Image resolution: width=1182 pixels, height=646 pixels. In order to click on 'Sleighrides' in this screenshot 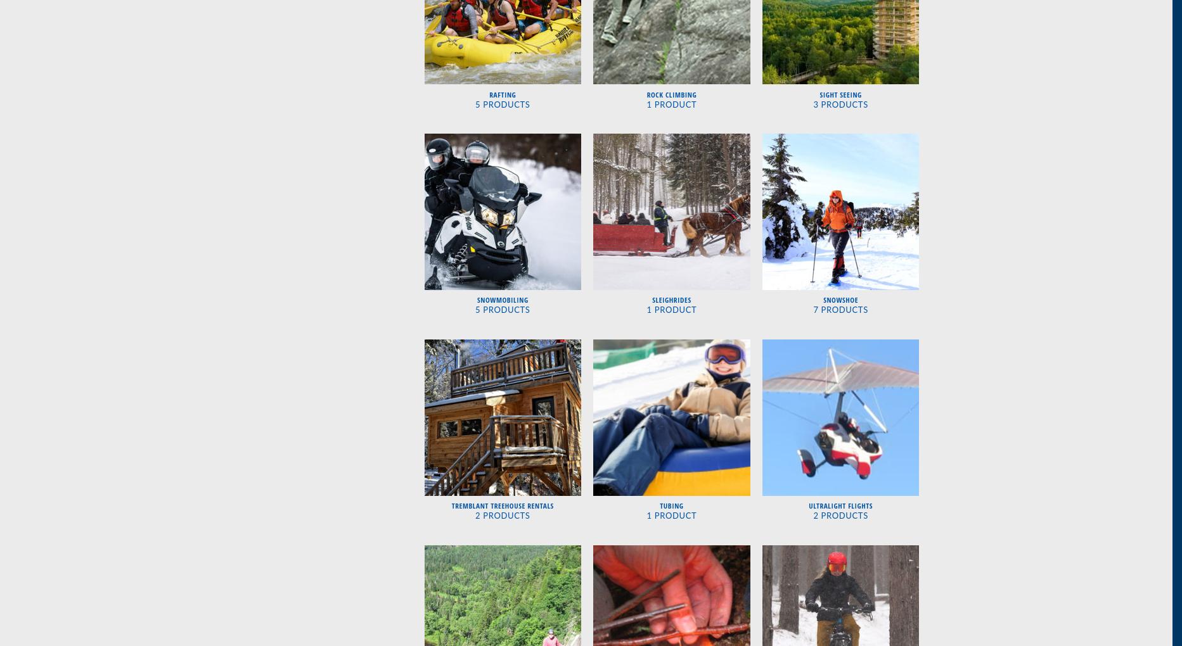, I will do `click(671, 300)`.